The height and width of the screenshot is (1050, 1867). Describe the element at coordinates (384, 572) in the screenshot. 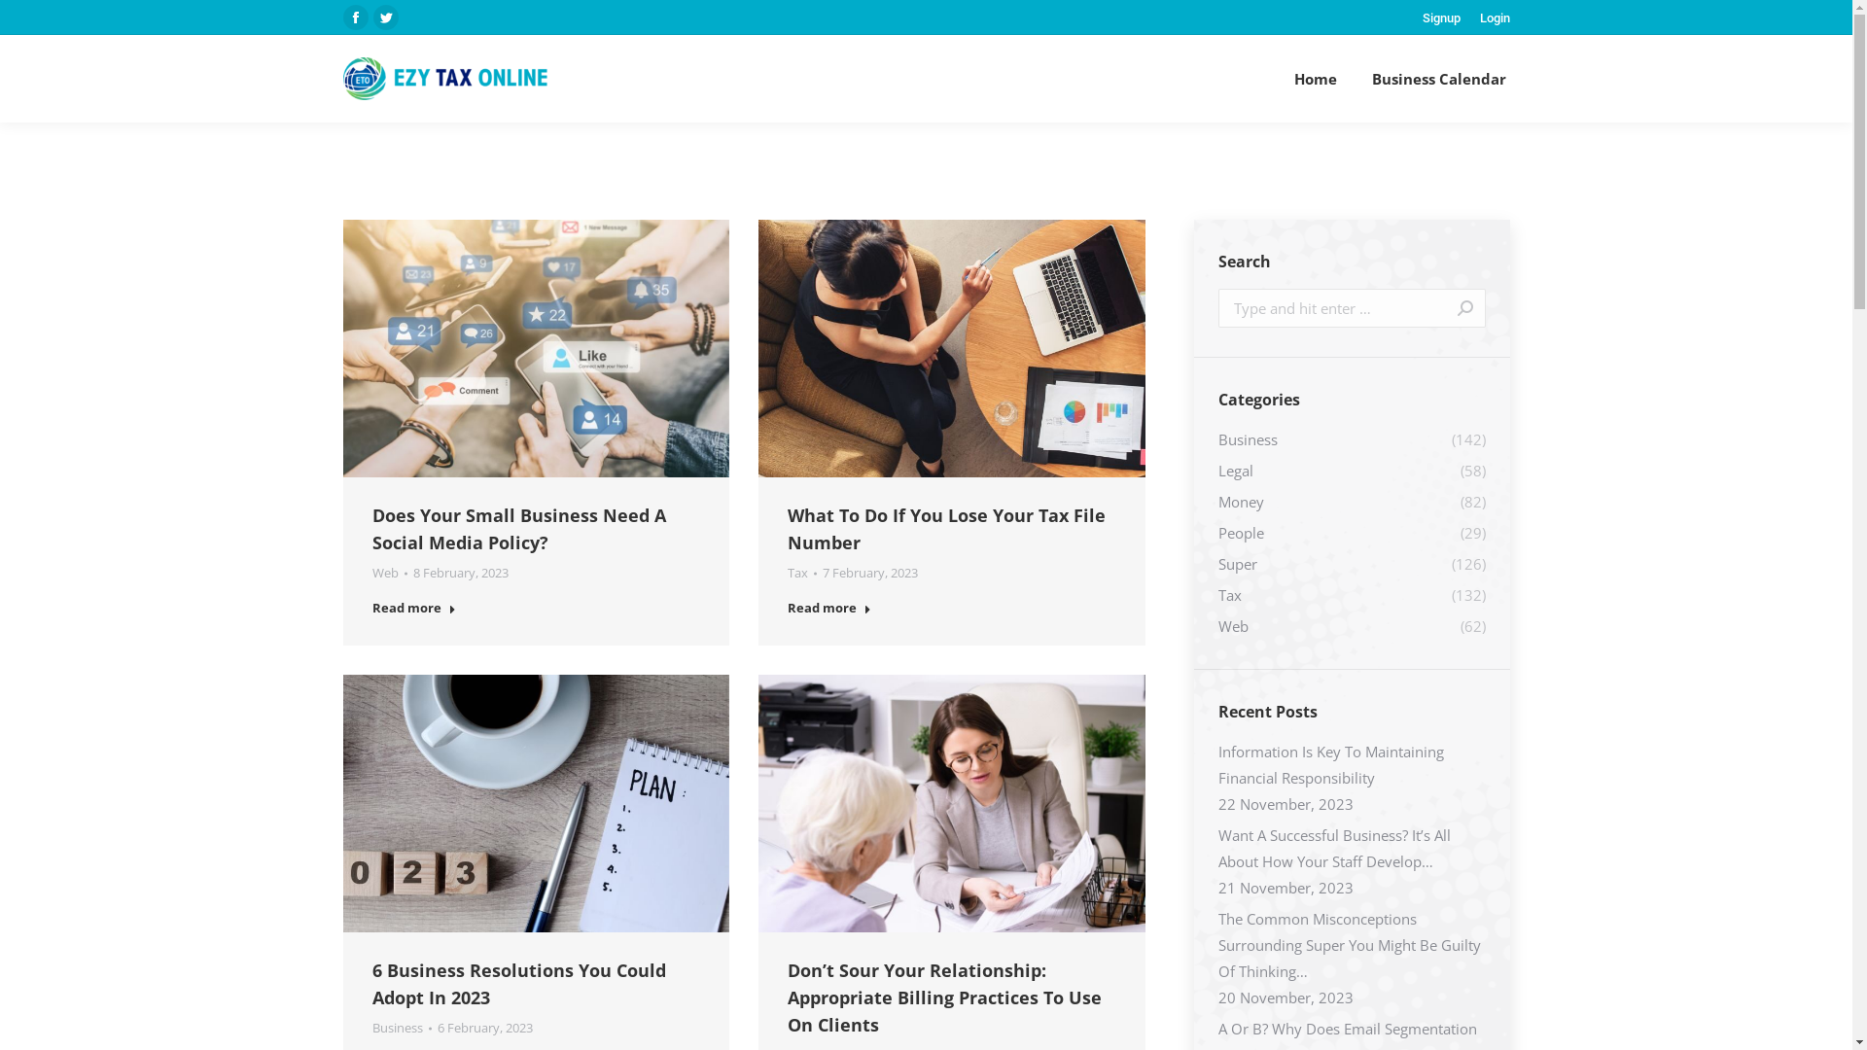

I see `'Web'` at that location.